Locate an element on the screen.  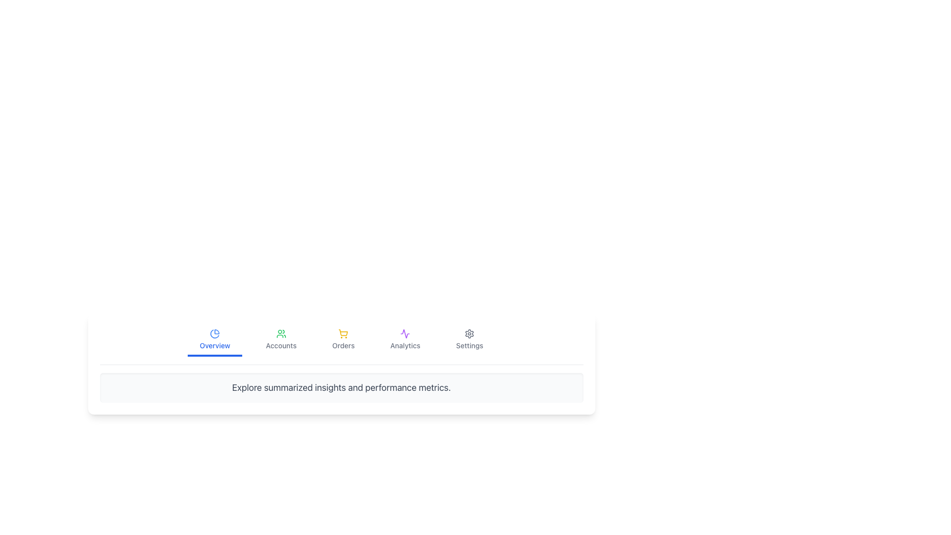
the descriptive text label associated with the 'Settings' option located directly below the gear icon in the bottom navigation menu is located at coordinates (469, 345).